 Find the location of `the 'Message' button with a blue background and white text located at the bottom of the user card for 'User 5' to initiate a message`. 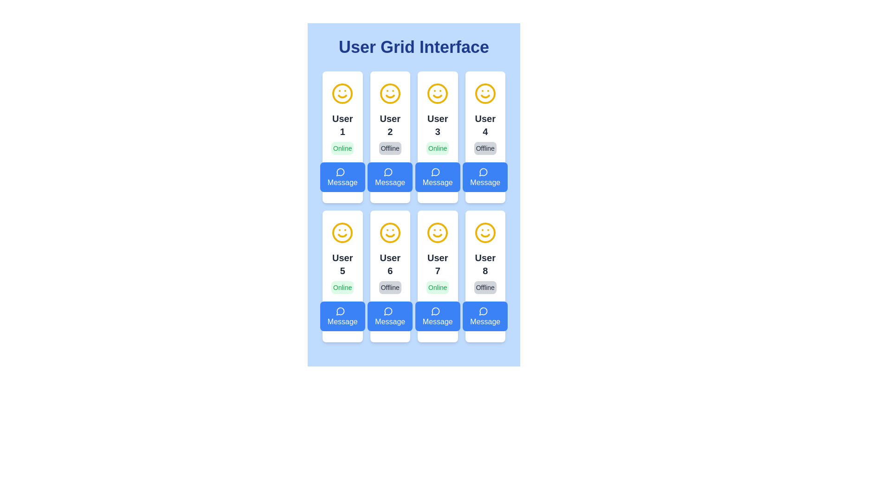

the 'Message' button with a blue background and white text located at the bottom of the user card for 'User 5' to initiate a message is located at coordinates (342, 316).